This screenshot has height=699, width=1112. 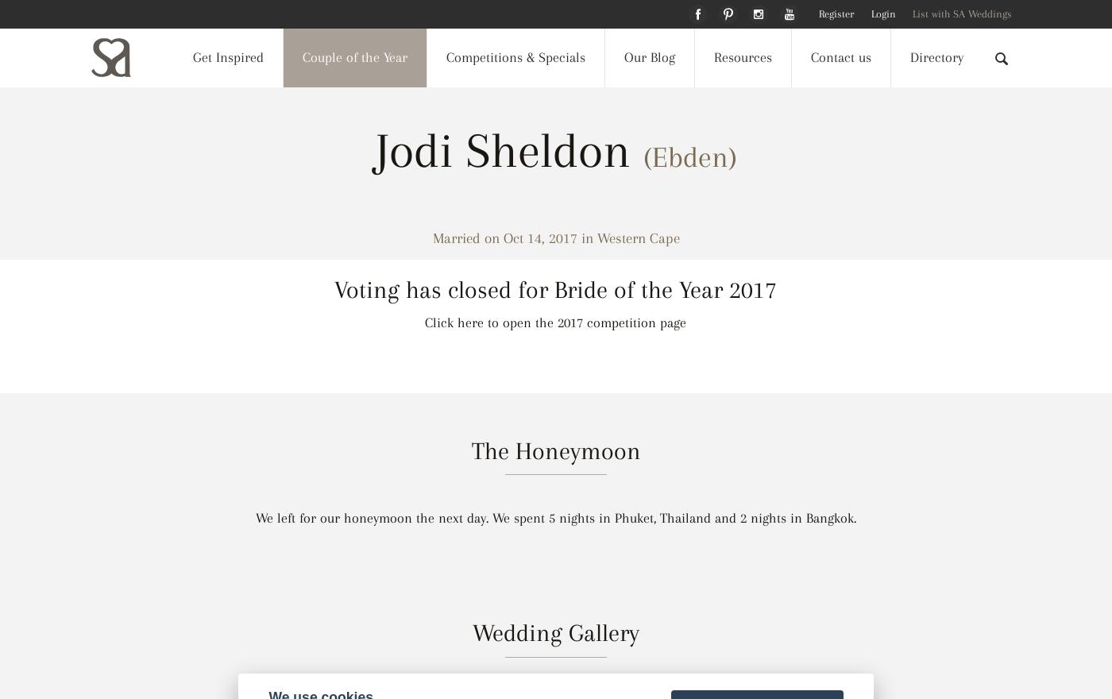 What do you see at coordinates (871, 12) in the screenshot?
I see `'Login'` at bounding box center [871, 12].